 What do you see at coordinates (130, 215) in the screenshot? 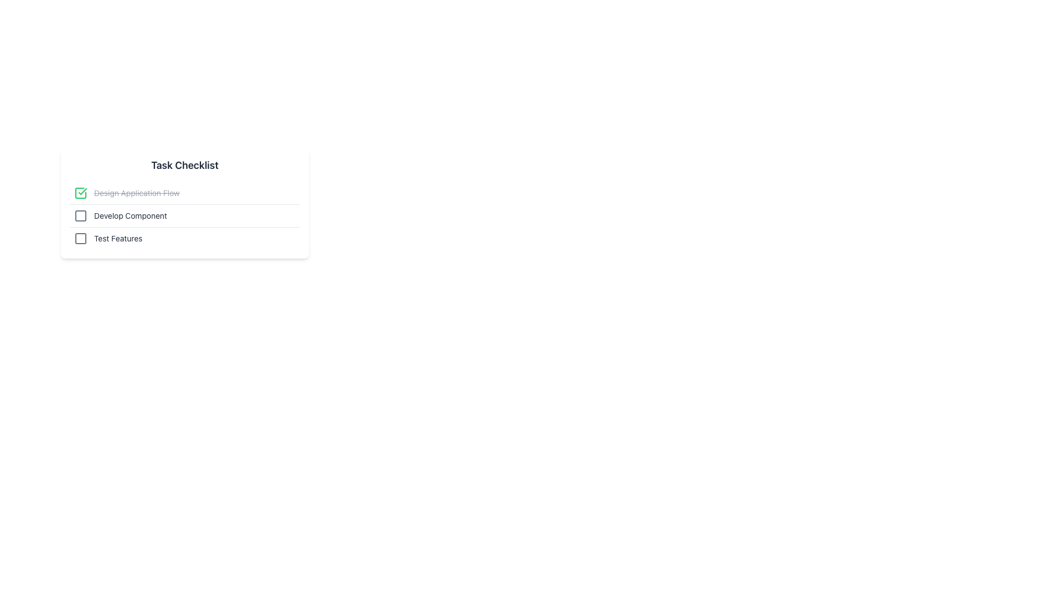
I see `the text label reading 'Develop Component', which is styled with a small font size and gray color, located to the right of a checkbox in a vertical checklist` at bounding box center [130, 215].